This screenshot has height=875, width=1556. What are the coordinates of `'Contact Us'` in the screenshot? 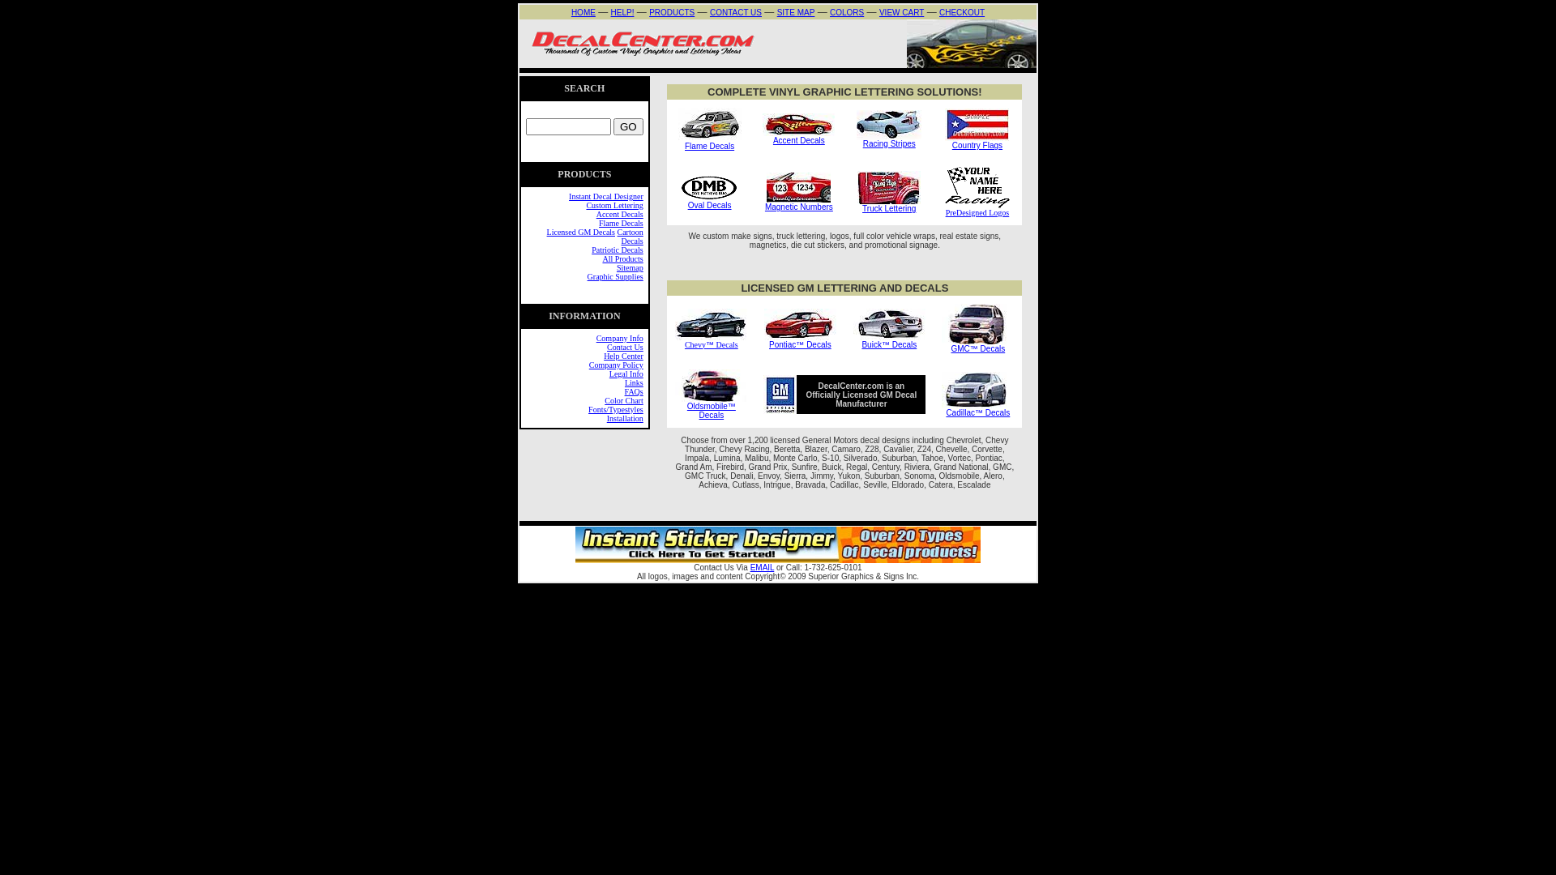 It's located at (624, 346).